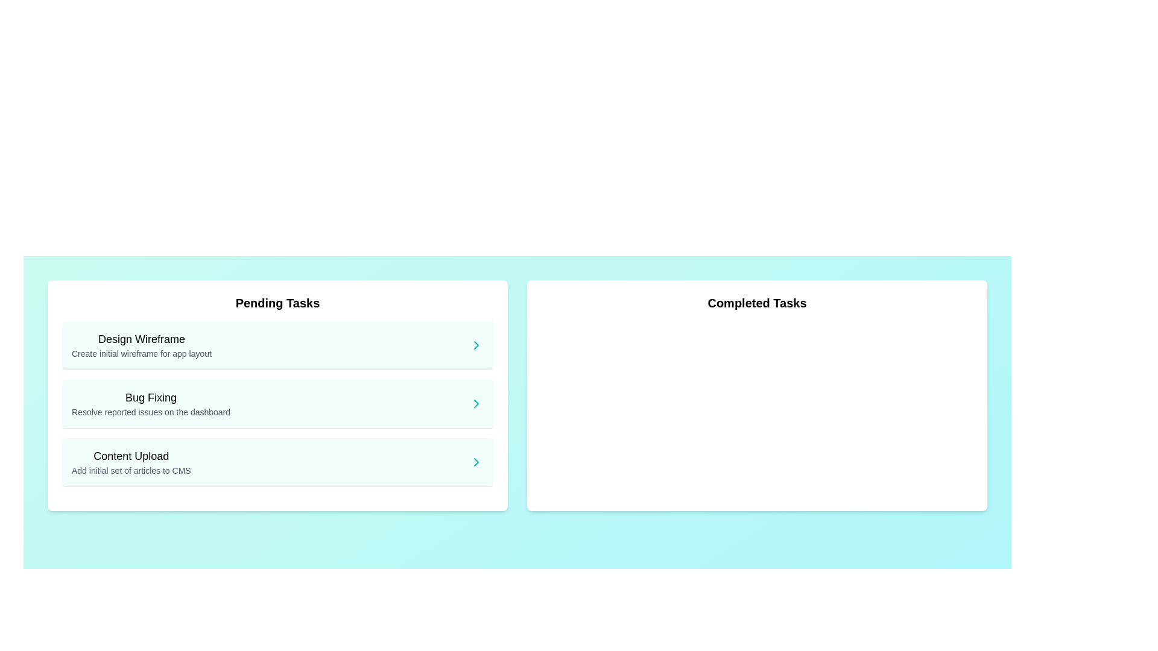  What do you see at coordinates (476, 404) in the screenshot?
I see `the Chevron icon located at the far-right within the 'Bug Fixing' task block in the 'Pending Tasks' list` at bounding box center [476, 404].